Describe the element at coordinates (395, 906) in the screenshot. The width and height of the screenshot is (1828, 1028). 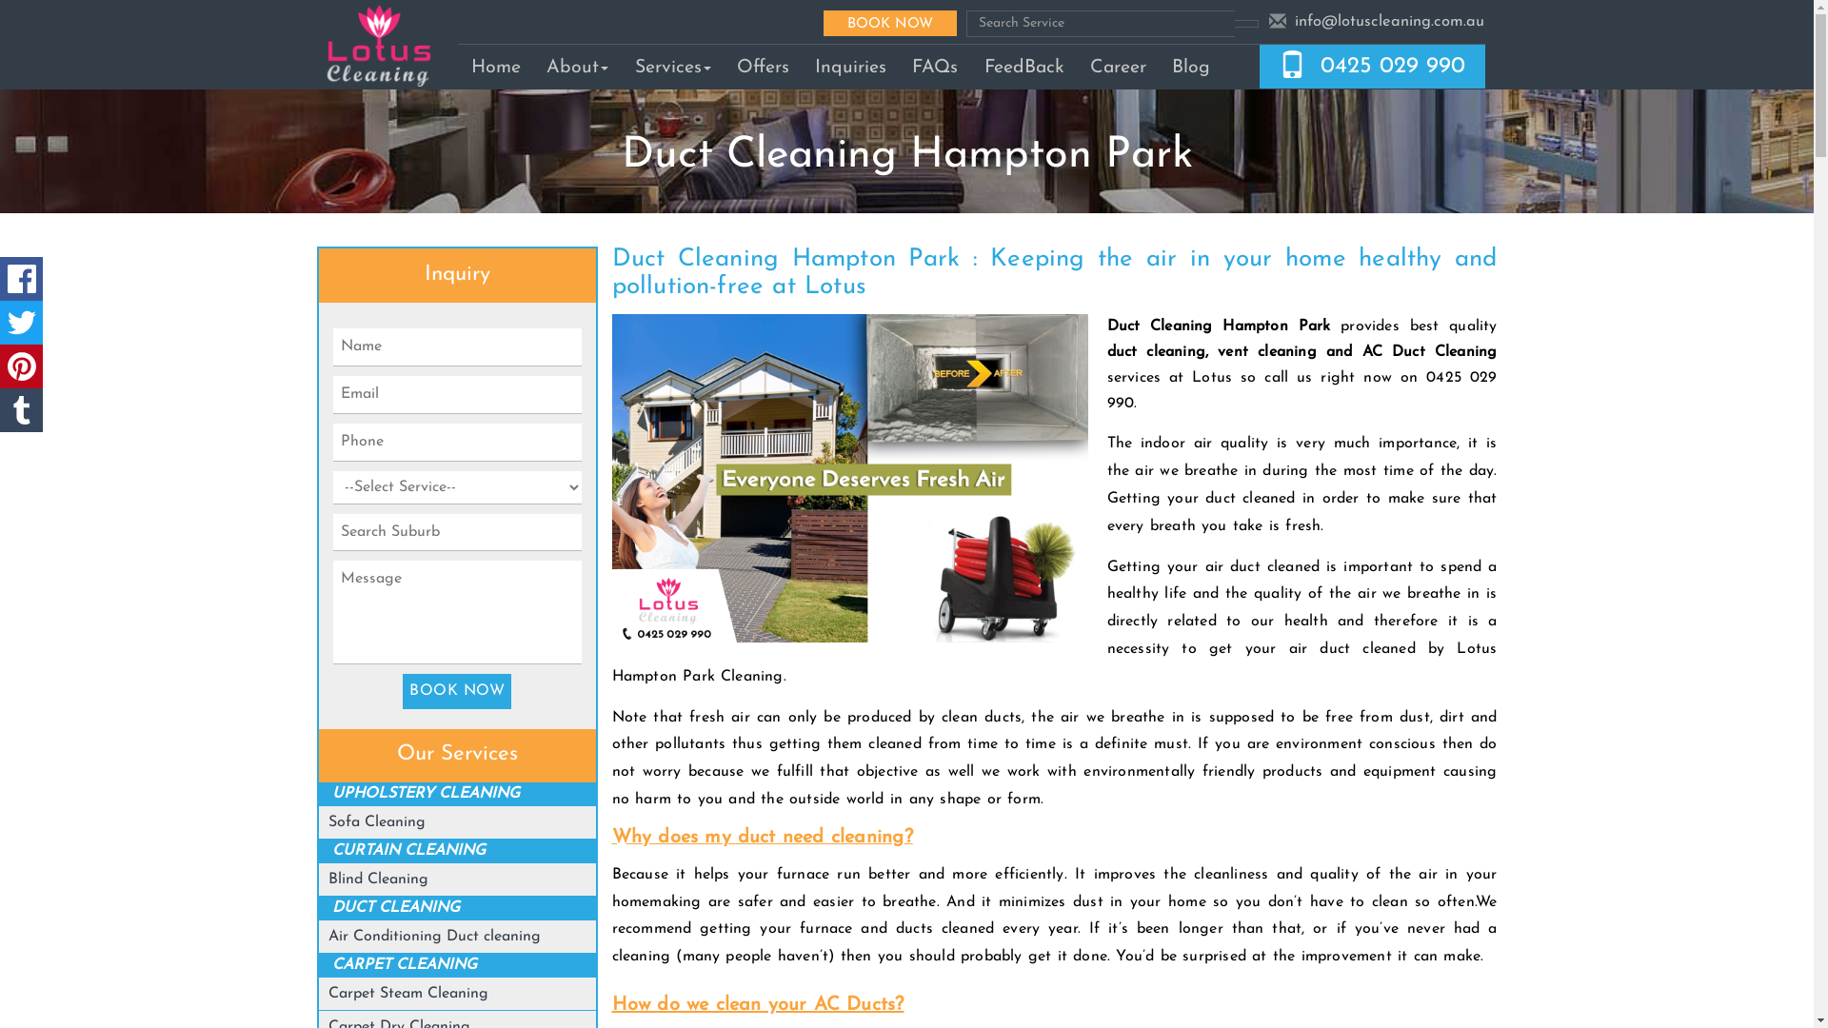
I see `'DUCT CLEANING'` at that location.